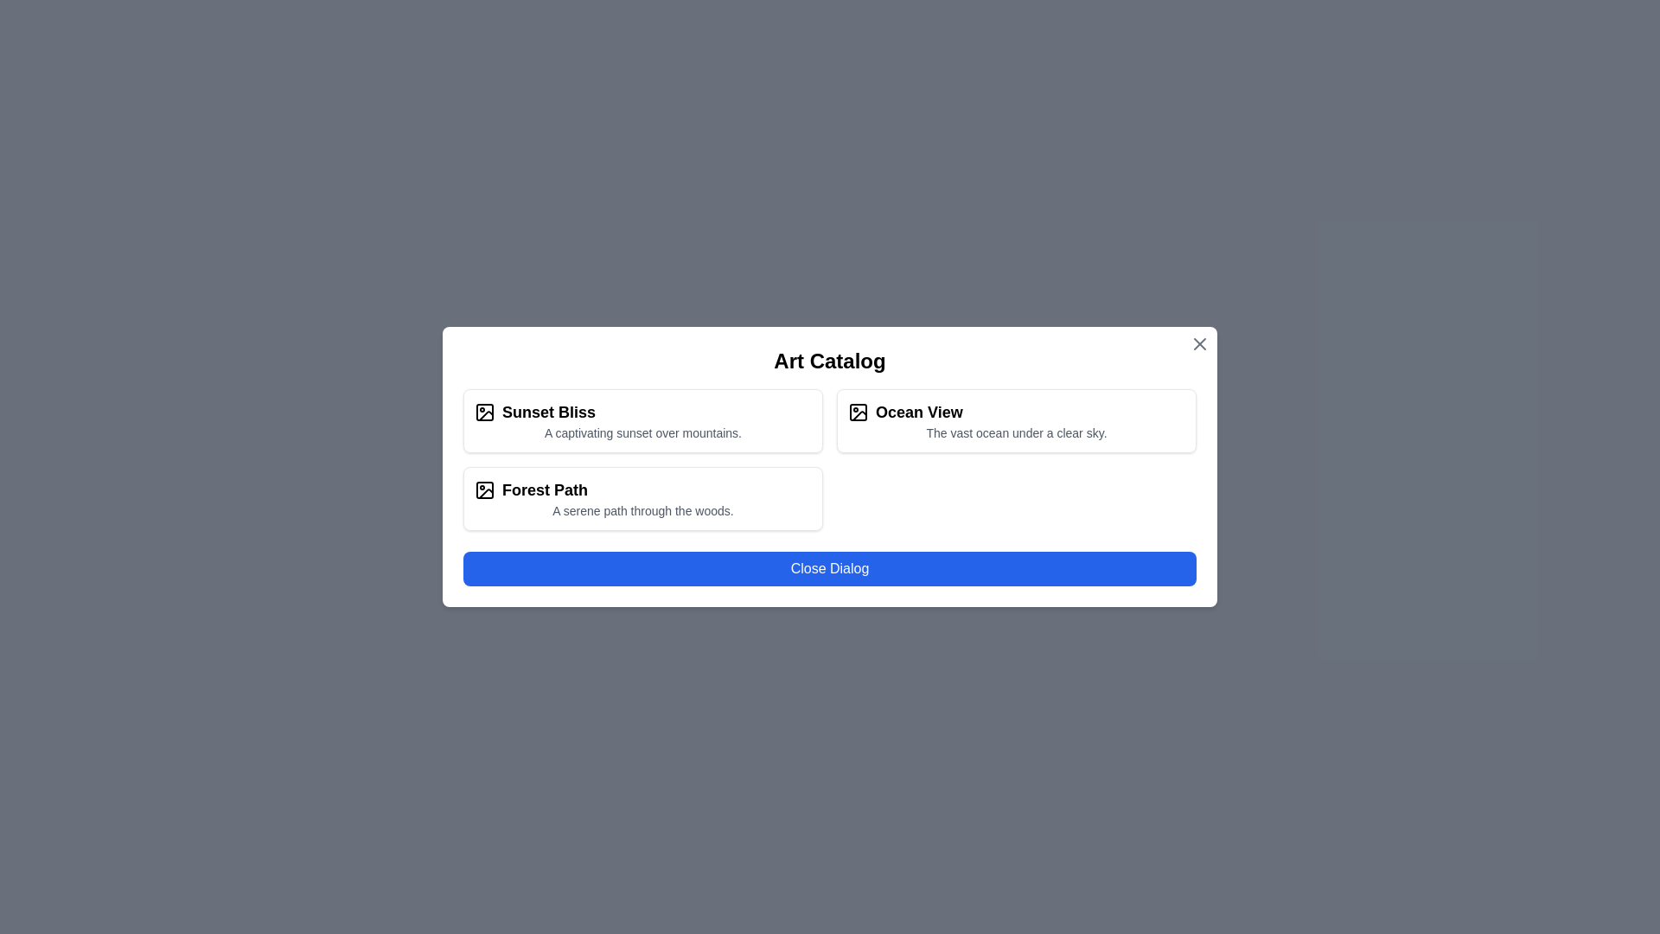 This screenshot has width=1660, height=934. I want to click on the 'Close' button to close the dialog, so click(830, 569).